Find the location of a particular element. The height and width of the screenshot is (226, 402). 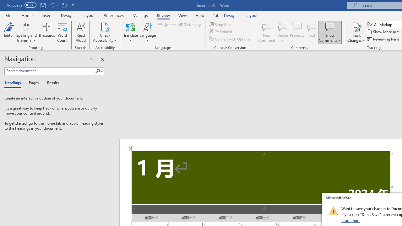

'Spelling and Grammar' is located at coordinates (26, 32).